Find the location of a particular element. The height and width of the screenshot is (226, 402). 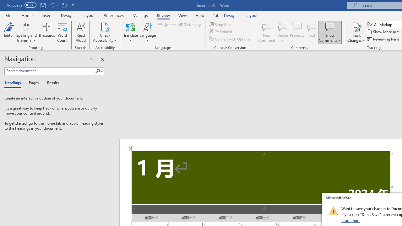

'Spelling and Grammar' is located at coordinates (26, 32).